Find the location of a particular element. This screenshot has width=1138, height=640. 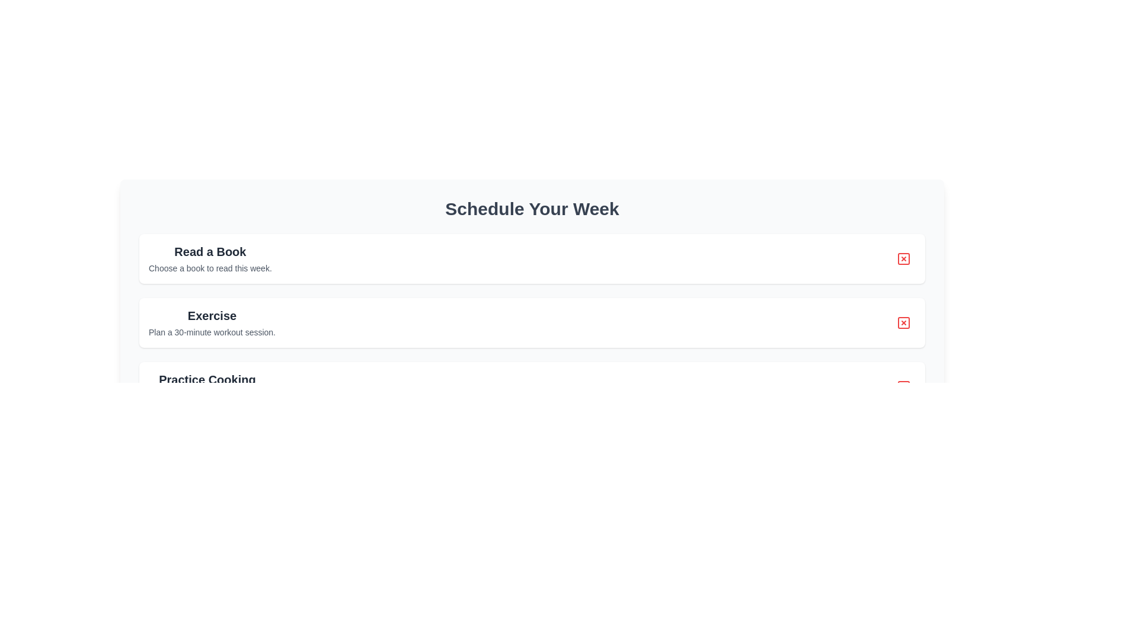

the red-bordered square icon button with an 'X' symbol located on the right side of the 'Exercise' section under 'Schedule Your Week' is located at coordinates (903, 322).